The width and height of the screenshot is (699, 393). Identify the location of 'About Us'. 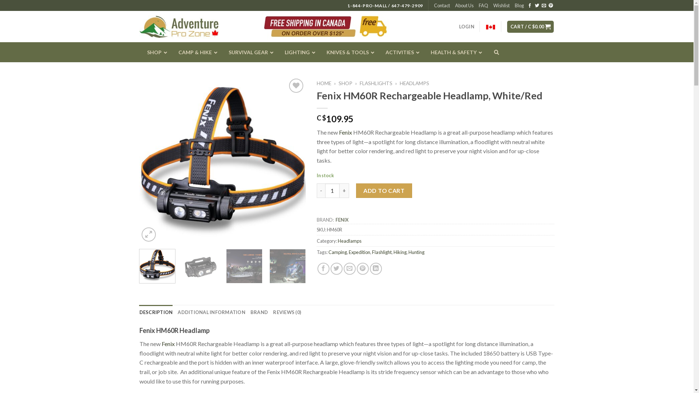
(454, 5).